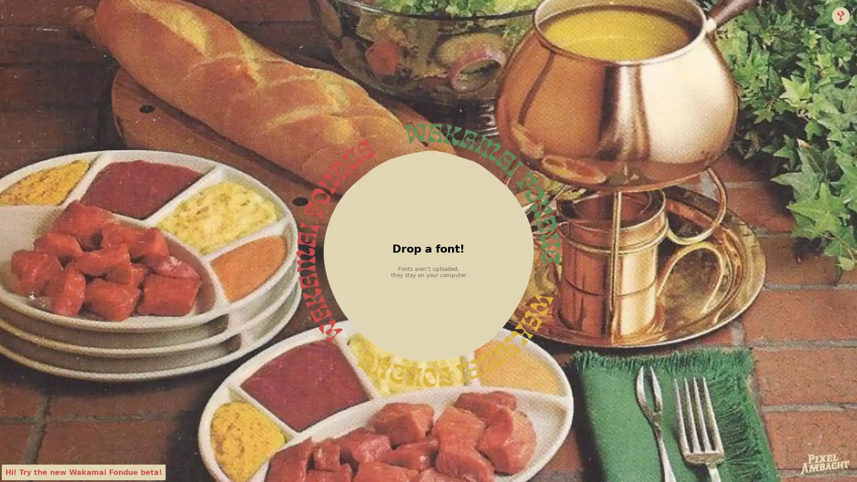 This screenshot has width=857, height=482. Describe the element at coordinates (840, 16) in the screenshot. I see `Info` at that location.